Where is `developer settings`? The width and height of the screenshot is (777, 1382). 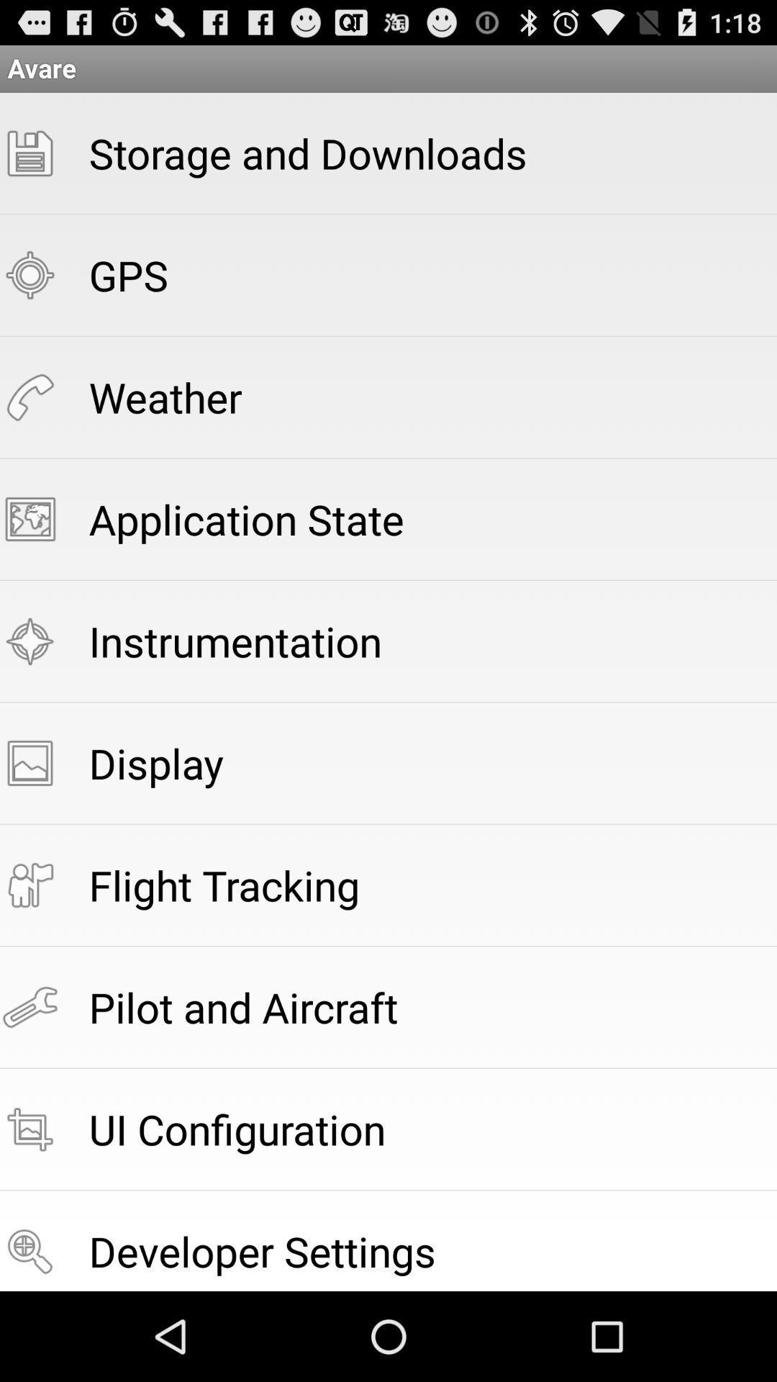
developer settings is located at coordinates (262, 1250).